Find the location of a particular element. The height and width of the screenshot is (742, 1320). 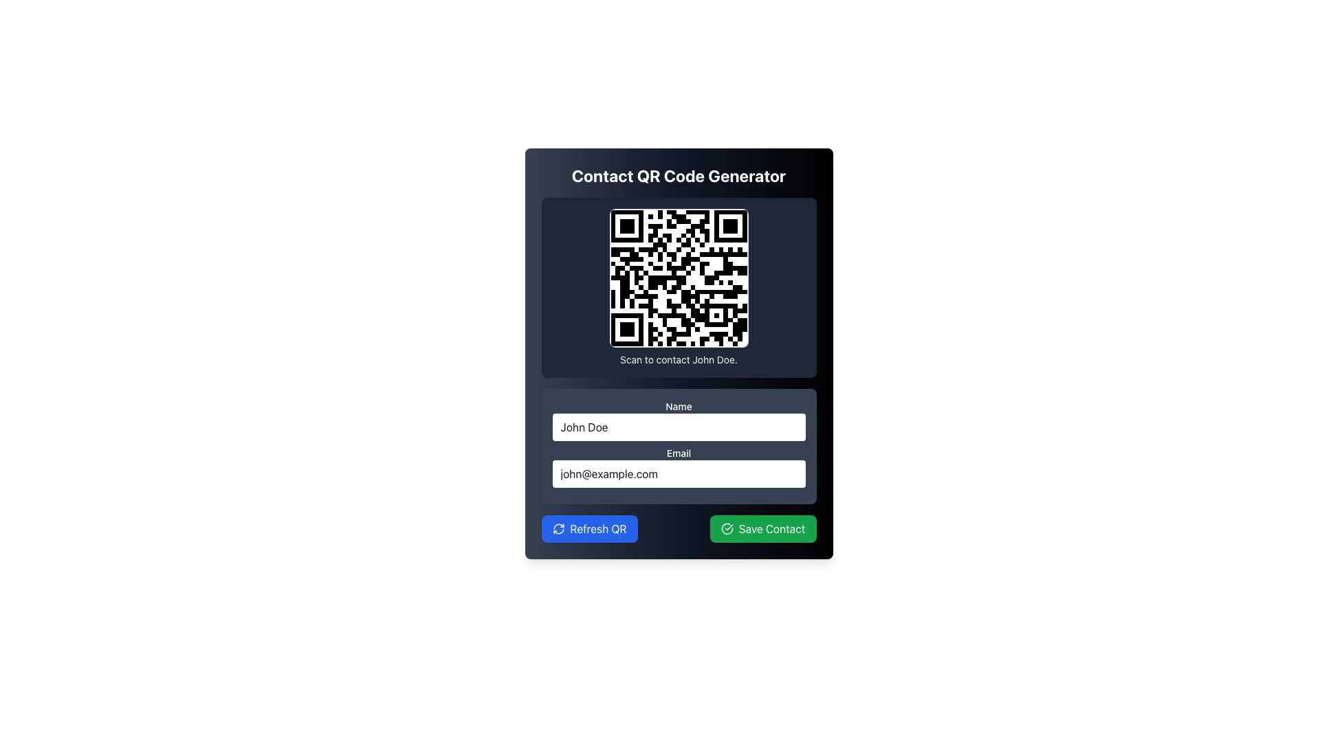

the circular icon with a green background and a white check mark that is located to the left of the 'Save Contact' button is located at coordinates (726, 528).